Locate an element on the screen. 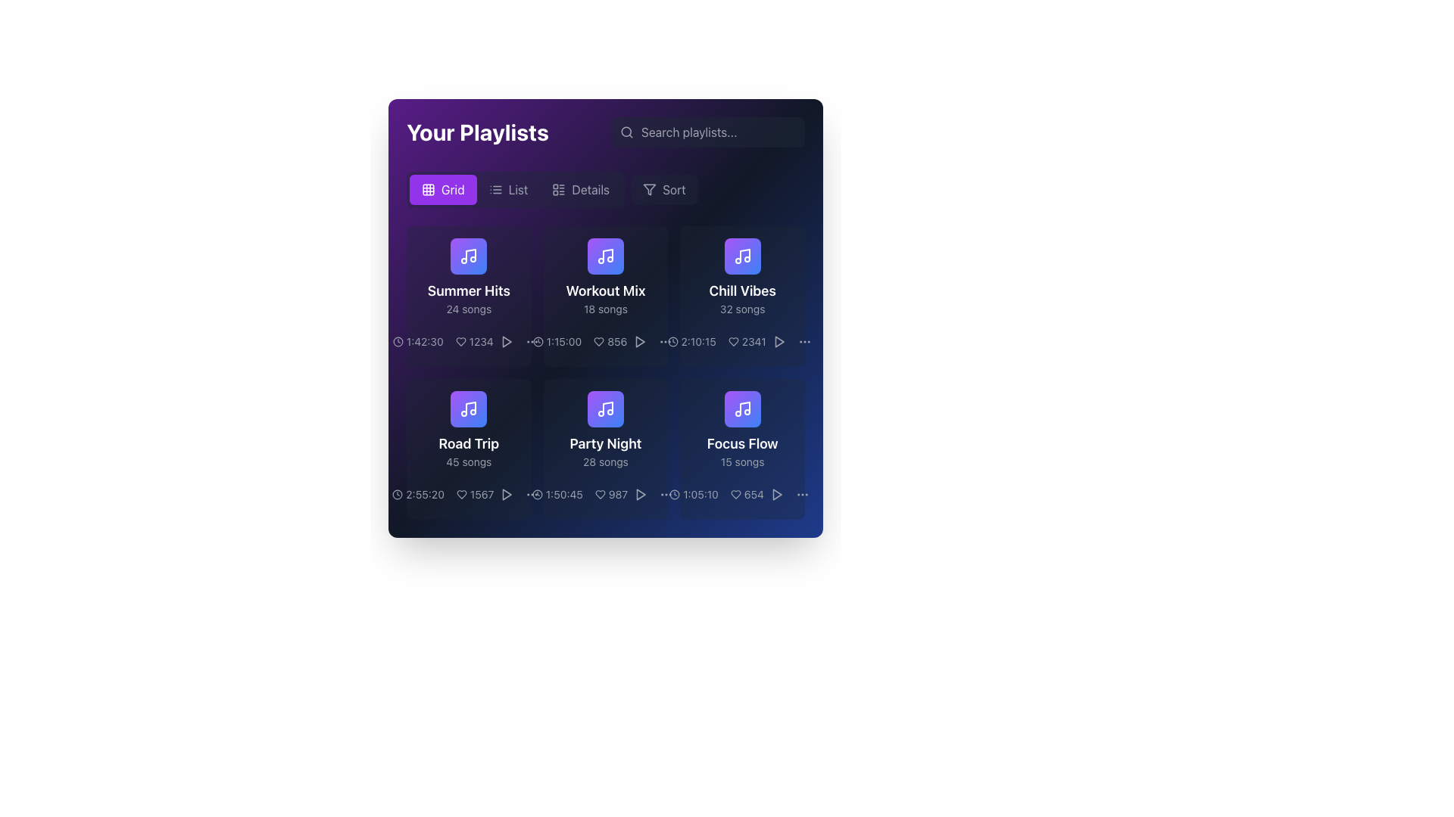 This screenshot has height=817, width=1454. the Icon button for the 'Workout Mix' playlist is located at coordinates (641, 341).